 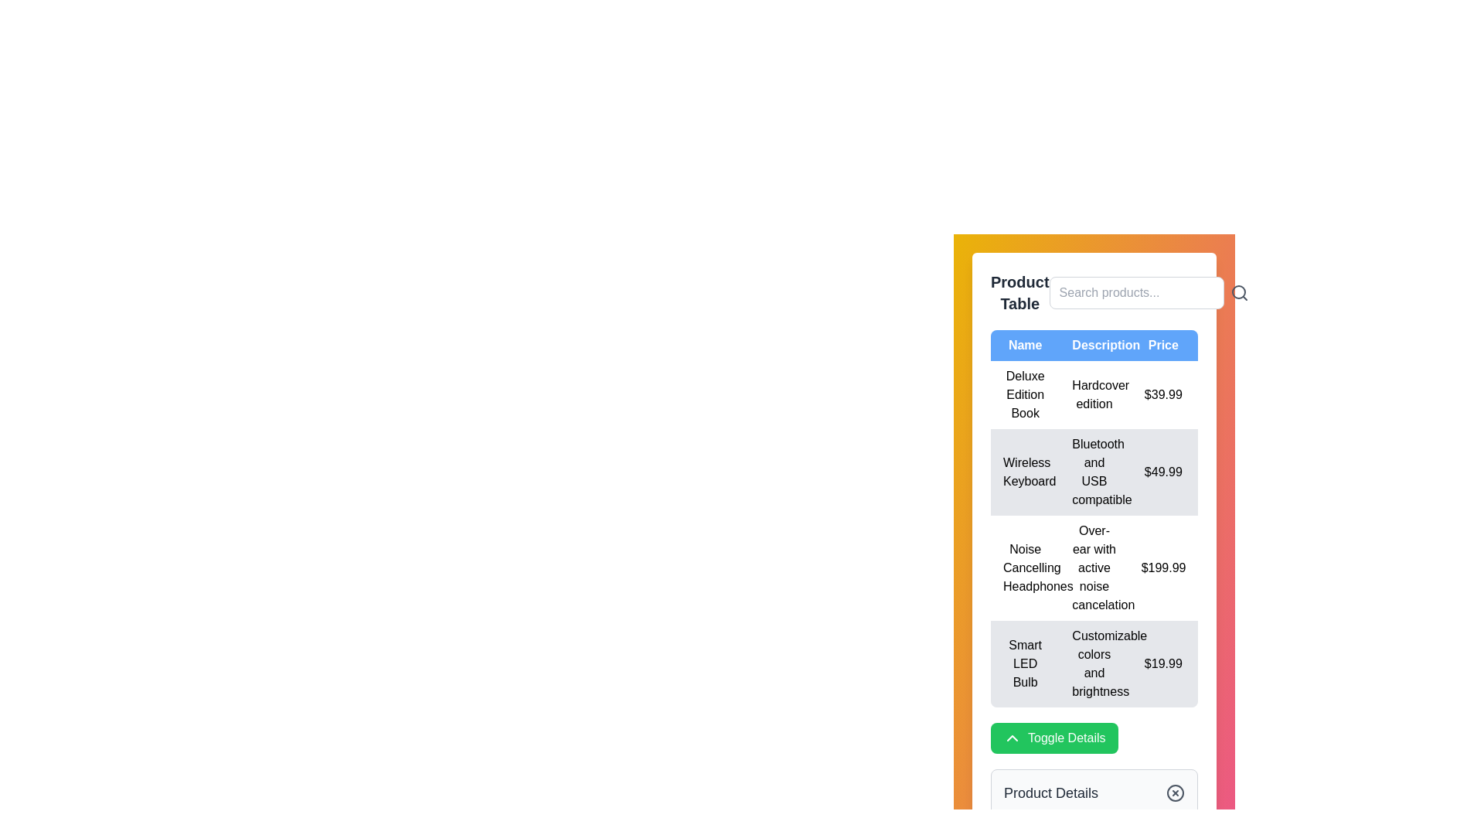 What do you see at coordinates (1163, 663) in the screenshot?
I see `displayed price '$19.99' from the rightmost text label in the 'Price' column of the product listing under 'Smart LED Bulb'` at bounding box center [1163, 663].